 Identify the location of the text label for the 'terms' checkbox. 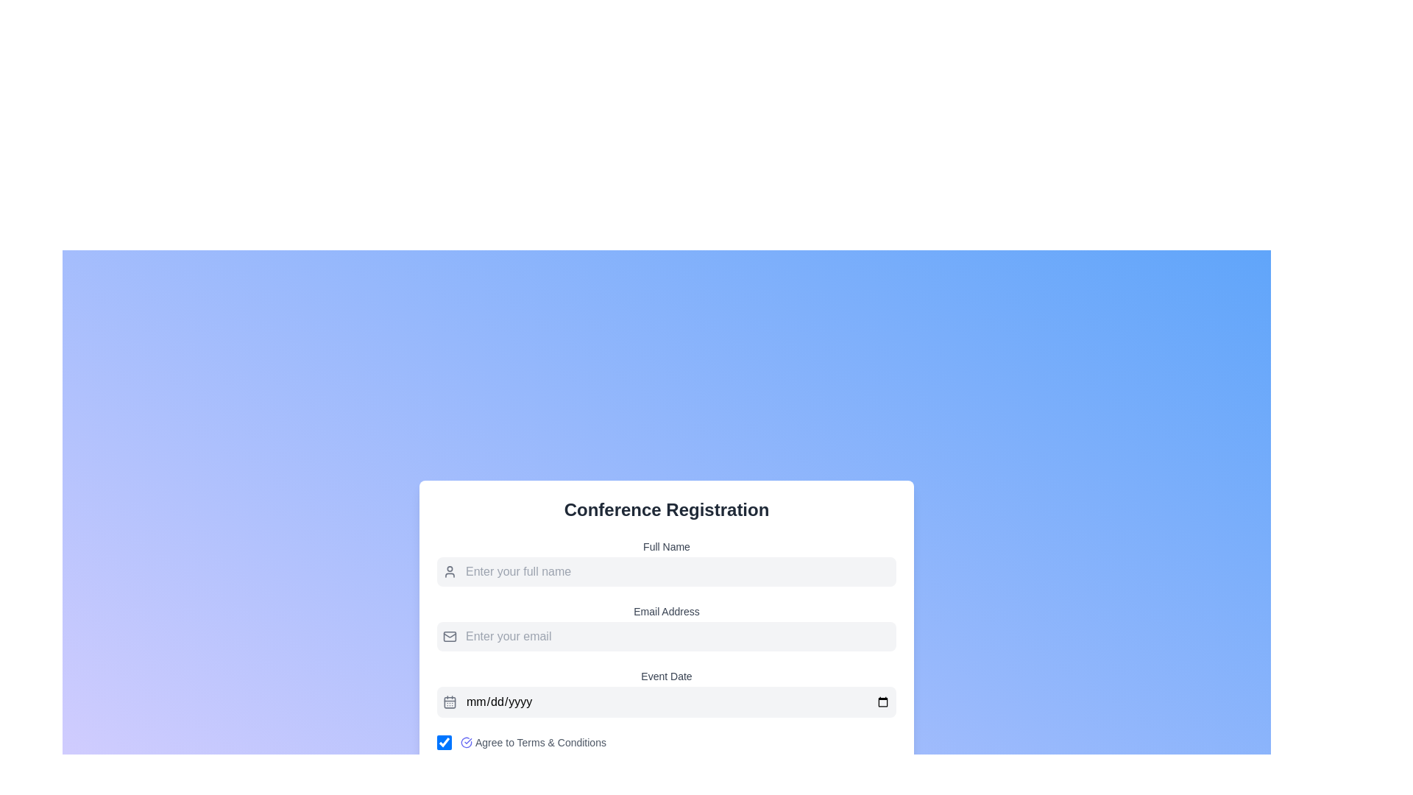
(532, 743).